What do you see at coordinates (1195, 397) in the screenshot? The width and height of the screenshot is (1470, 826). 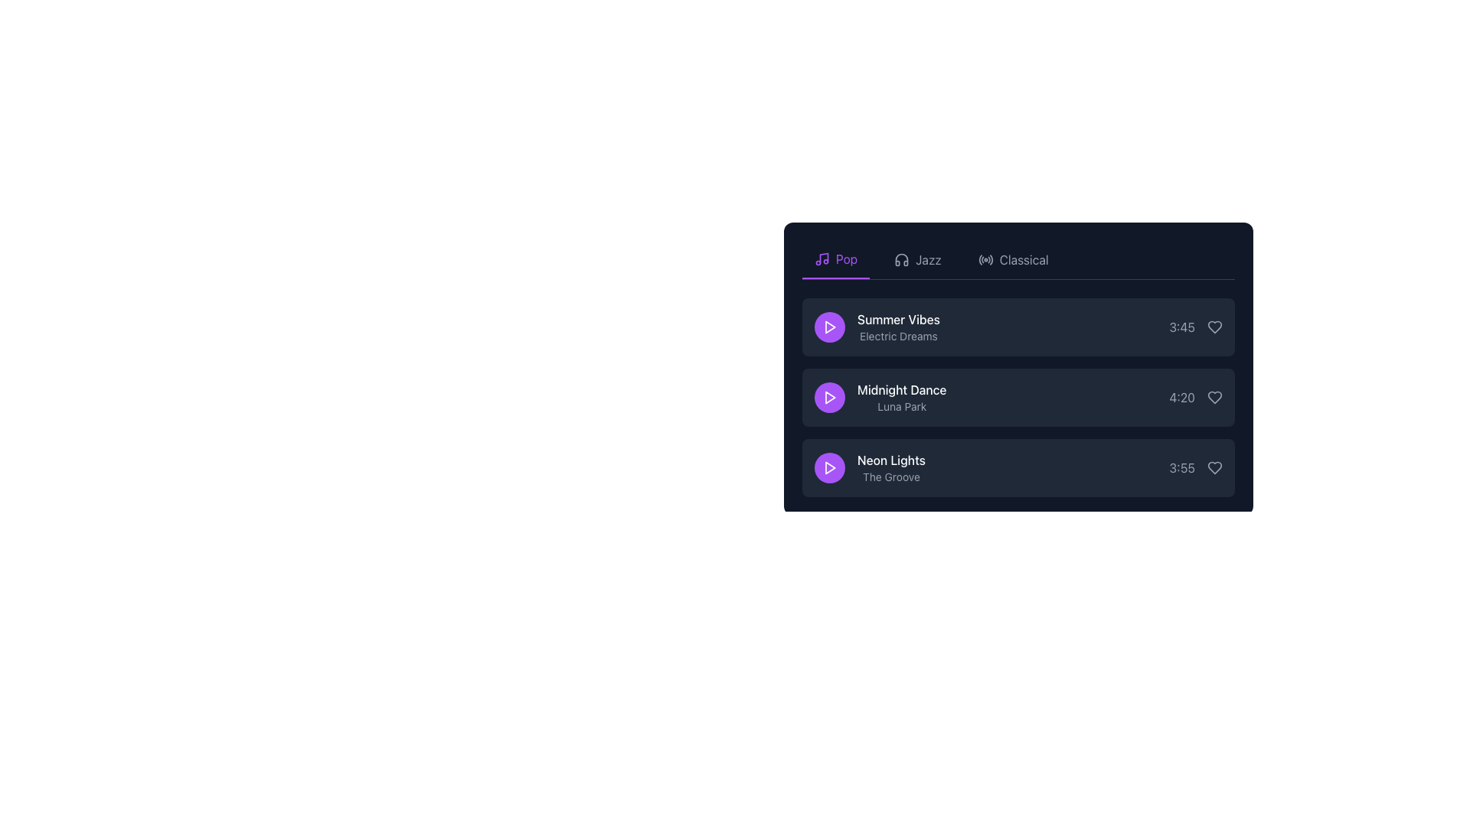 I see `the duration text label '4:20' which is styled in a lighter gray color and positioned alongside a heart icon in the song details row` at bounding box center [1195, 397].